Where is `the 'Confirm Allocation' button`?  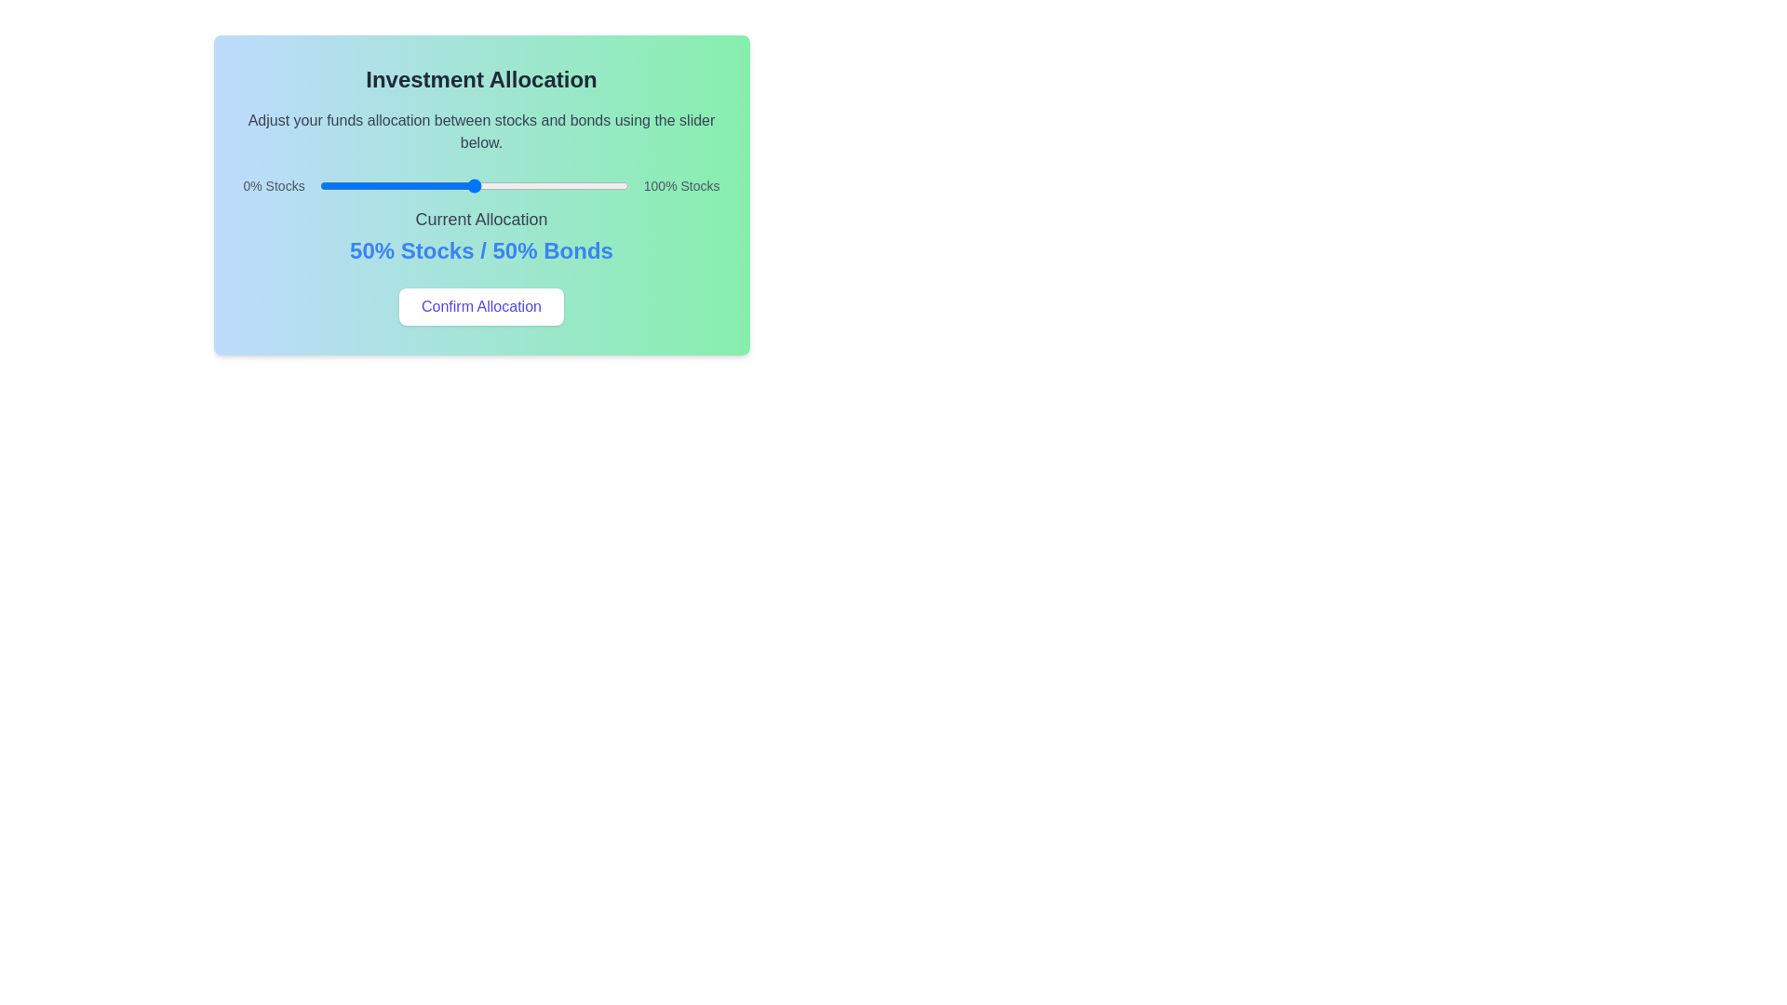 the 'Confirm Allocation' button is located at coordinates (481, 306).